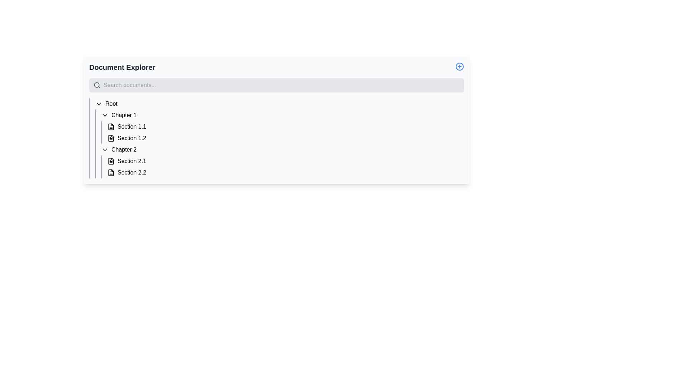  What do you see at coordinates (111, 126) in the screenshot?
I see `the file icon representing a document in the 'Document Explorer' interface, located under 'Chapter 1' and adjacent to 'Section 1.1'` at bounding box center [111, 126].